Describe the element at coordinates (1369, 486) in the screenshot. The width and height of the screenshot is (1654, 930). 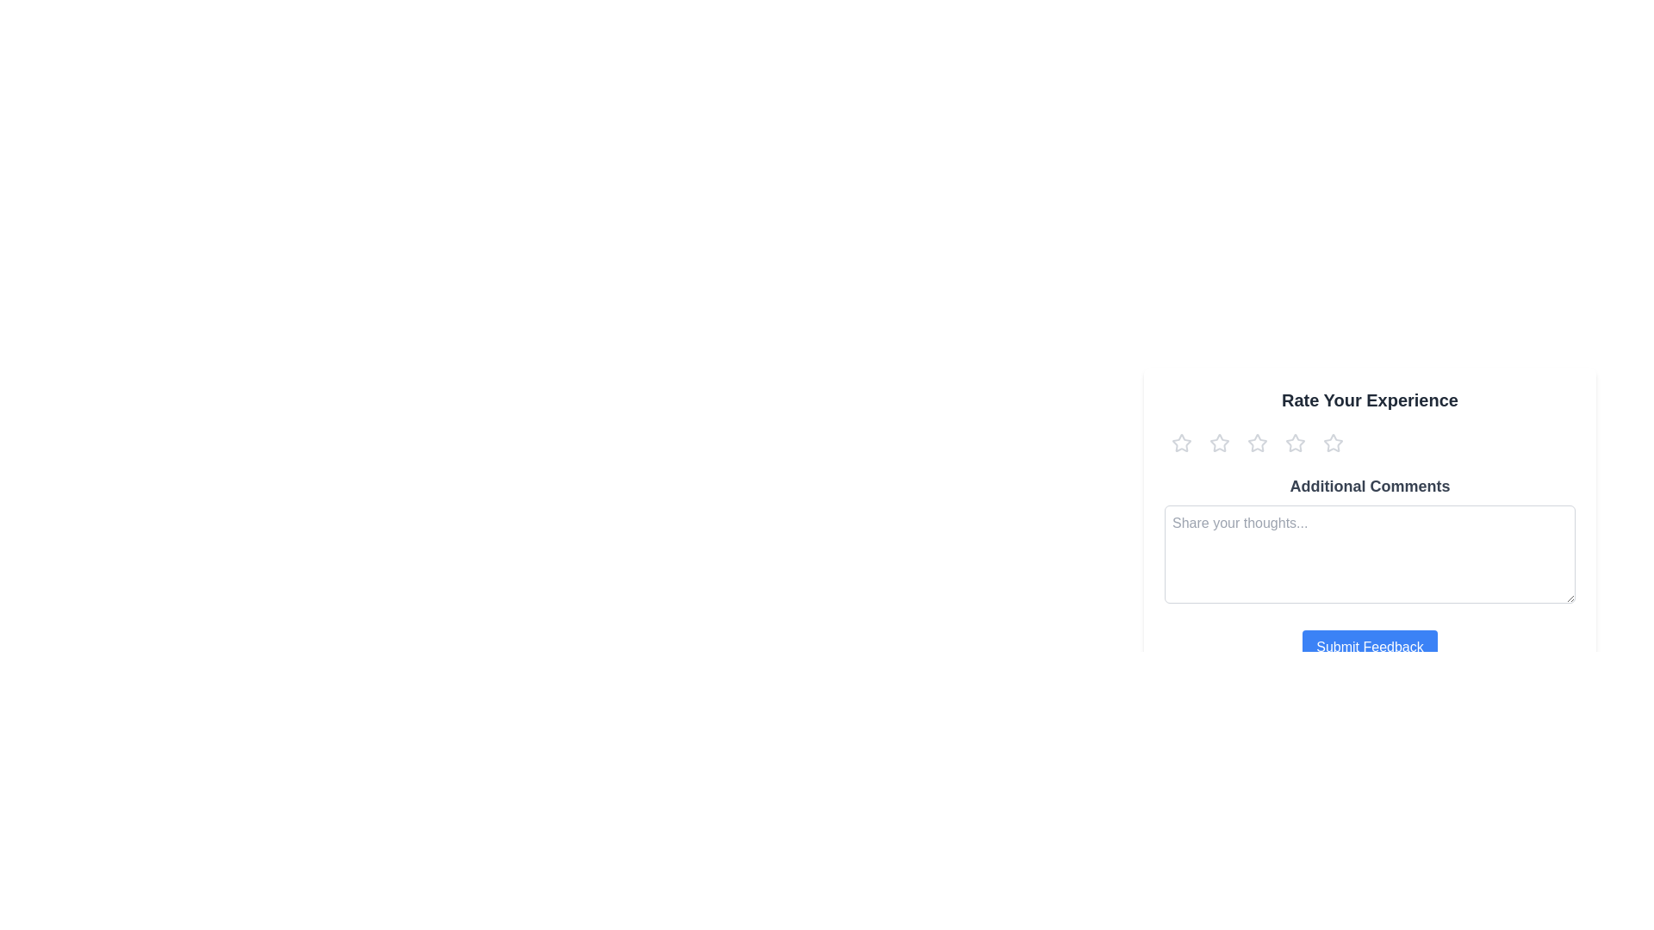
I see `the text label that guides users to provide additional comments or feedback, which is located just below the rating stars and above the comment text area` at that location.